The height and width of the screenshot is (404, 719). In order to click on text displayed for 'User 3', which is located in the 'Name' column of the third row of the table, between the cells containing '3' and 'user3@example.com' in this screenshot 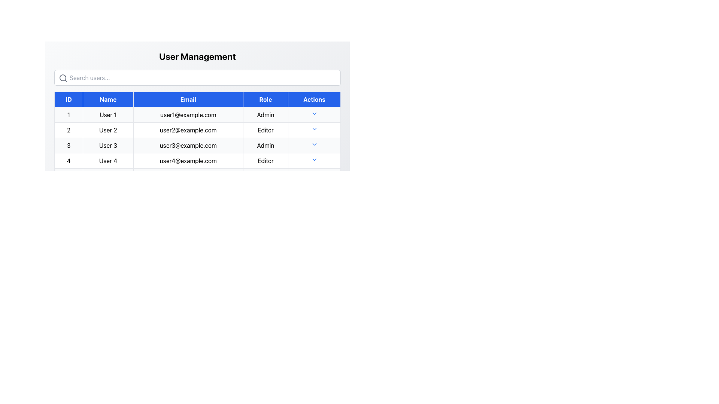, I will do `click(107, 146)`.